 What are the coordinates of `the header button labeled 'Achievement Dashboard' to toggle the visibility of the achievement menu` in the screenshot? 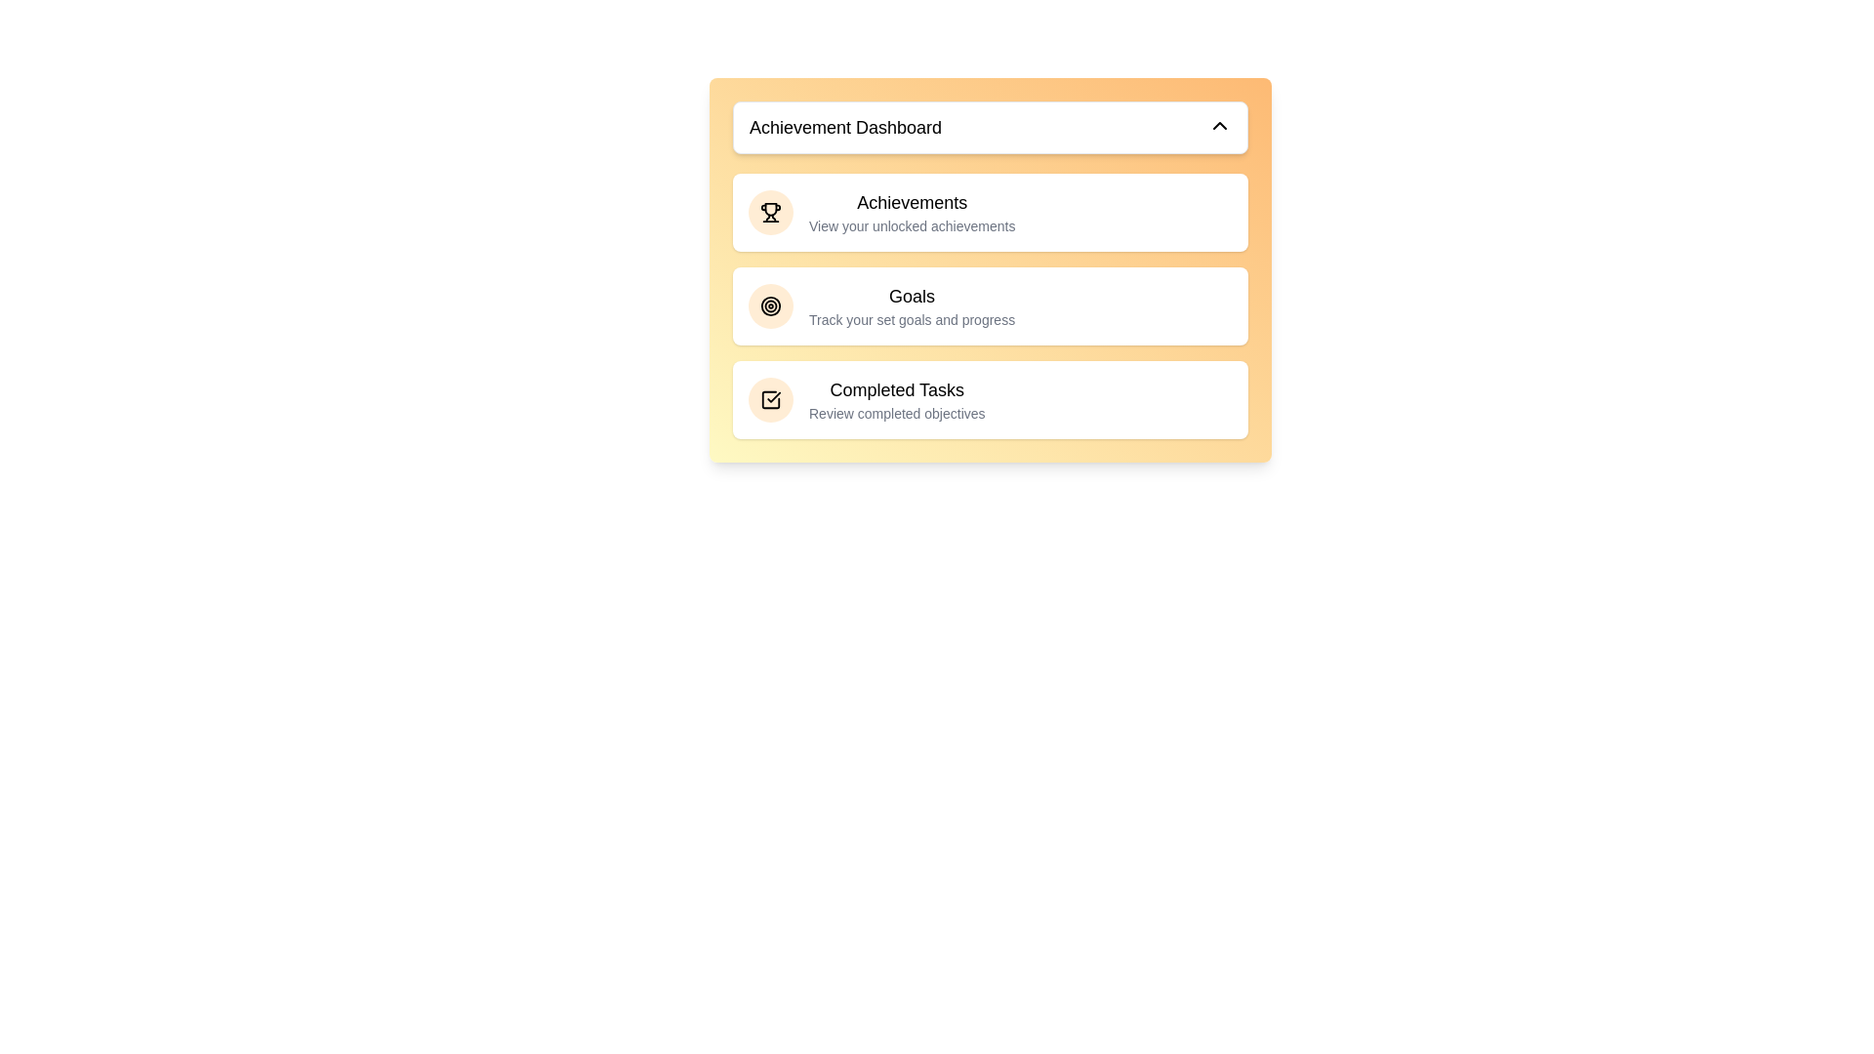 It's located at (990, 128).